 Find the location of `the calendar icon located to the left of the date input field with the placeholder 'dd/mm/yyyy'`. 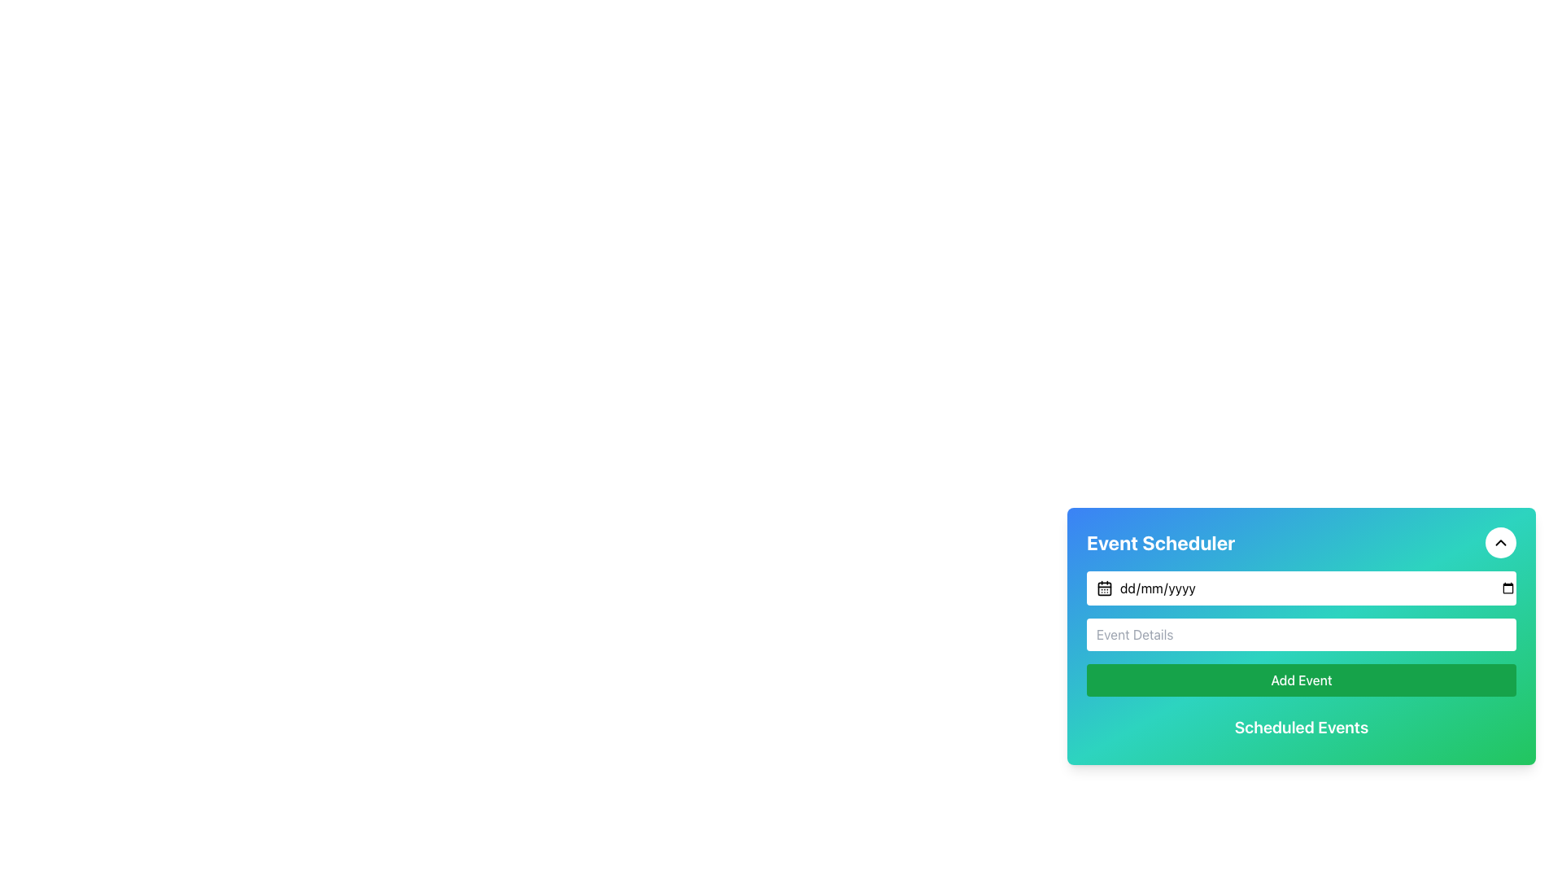

the calendar icon located to the left of the date input field with the placeholder 'dd/mm/yyyy' is located at coordinates (1105, 588).